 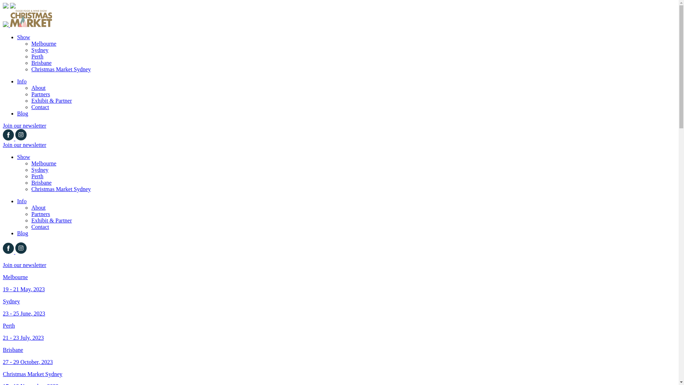 What do you see at coordinates (17, 156) in the screenshot?
I see `'Show'` at bounding box center [17, 156].